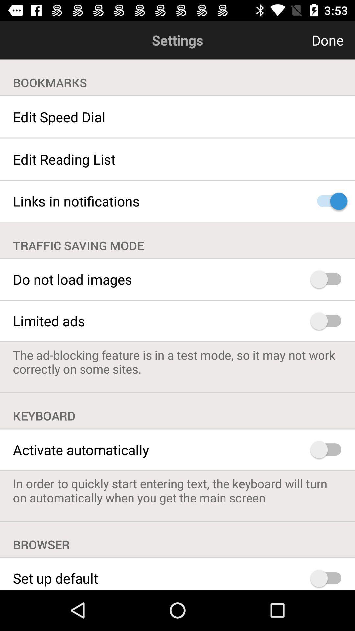 This screenshot has height=631, width=355. I want to click on set up default, so click(329, 578).